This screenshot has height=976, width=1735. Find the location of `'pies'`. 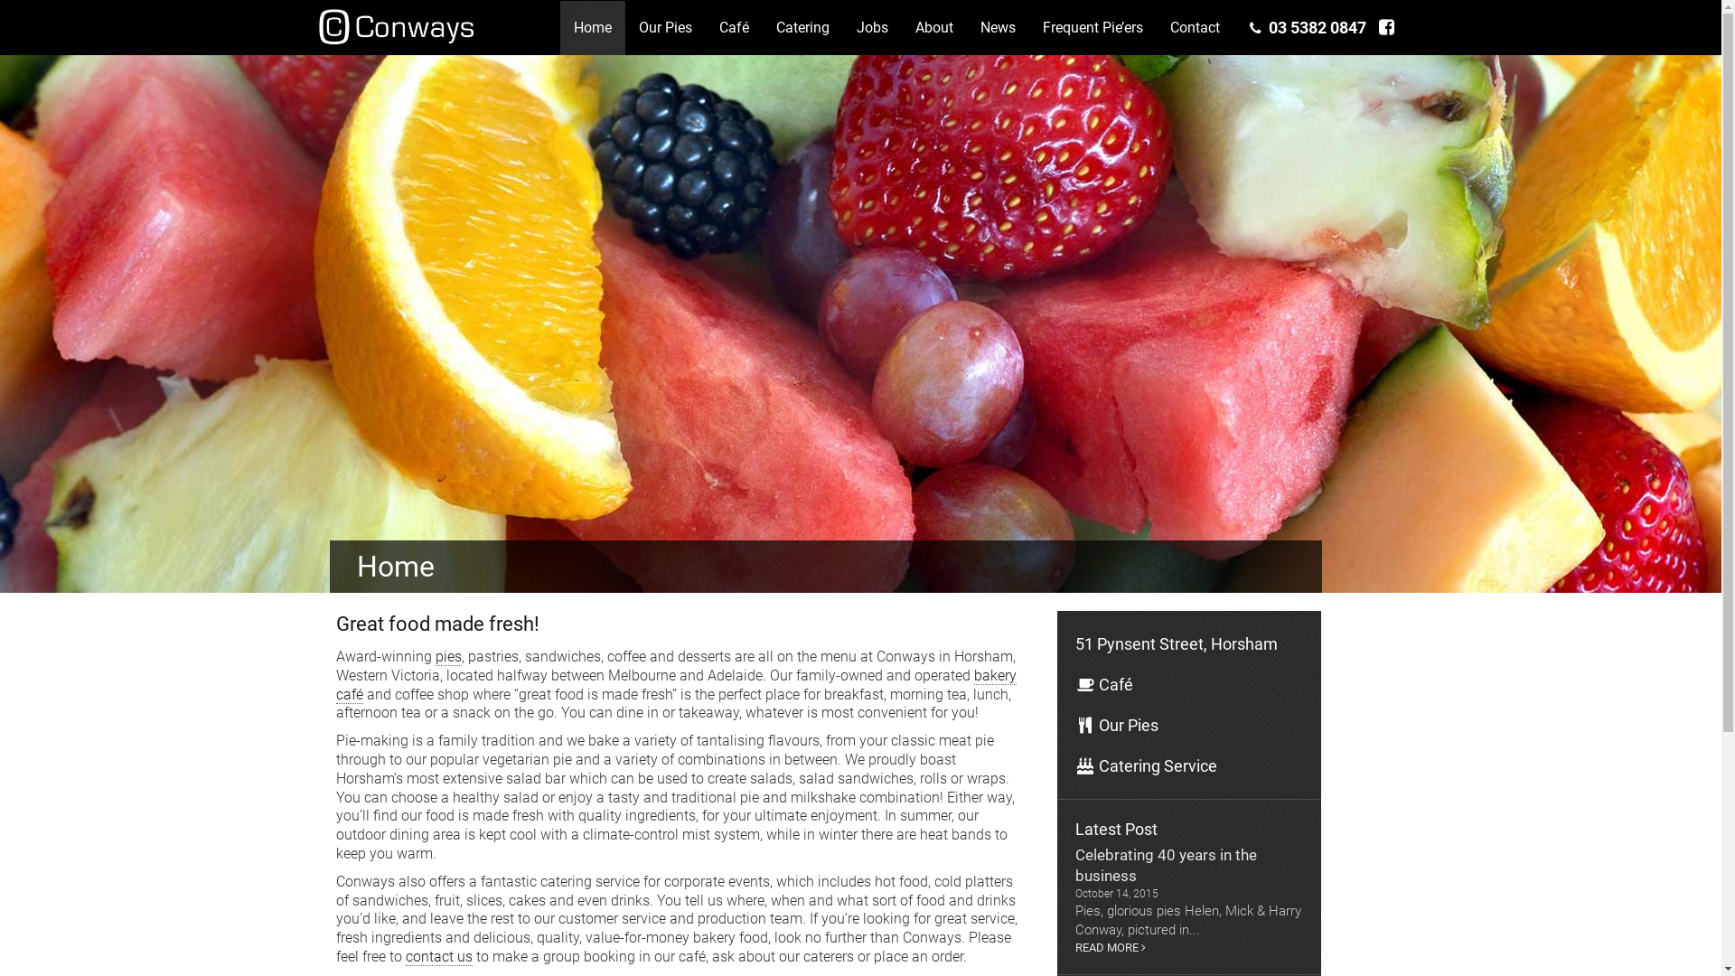

'pies' is located at coordinates (448, 656).